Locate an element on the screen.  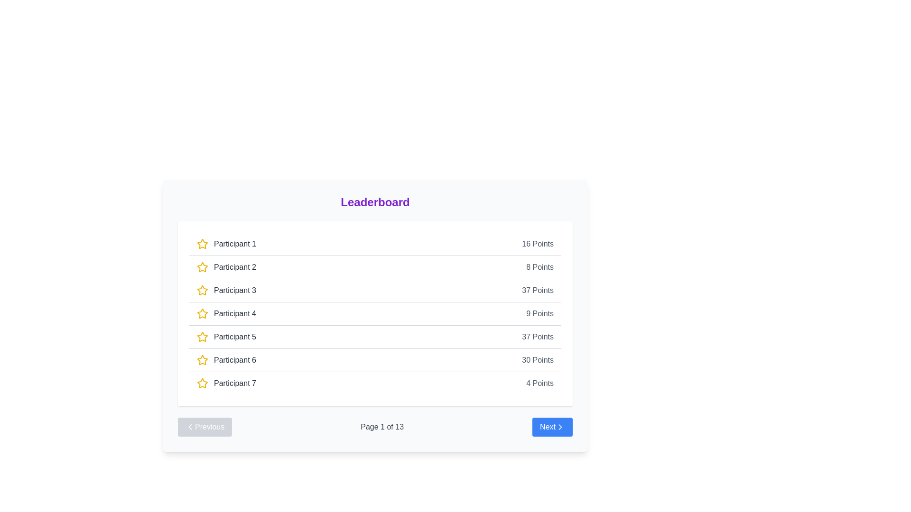
the rating or highlight marker icon associated with the label 'Participant 2', which is positioned to the left of the text label is located at coordinates (202, 267).